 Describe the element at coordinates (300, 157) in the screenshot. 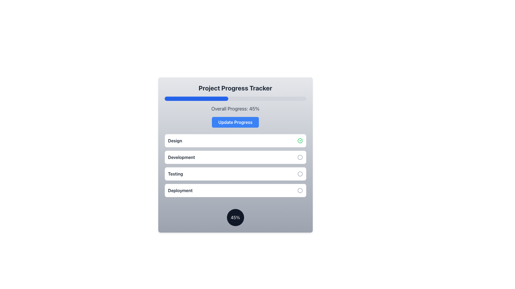

I see `the Circular SVG icon indicating the status associated with the 'Development' label, which is the second item in the vertical list of project statuses` at that location.